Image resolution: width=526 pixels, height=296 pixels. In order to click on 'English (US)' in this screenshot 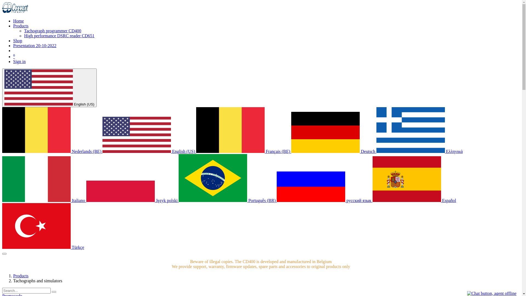, I will do `click(2, 87)`.